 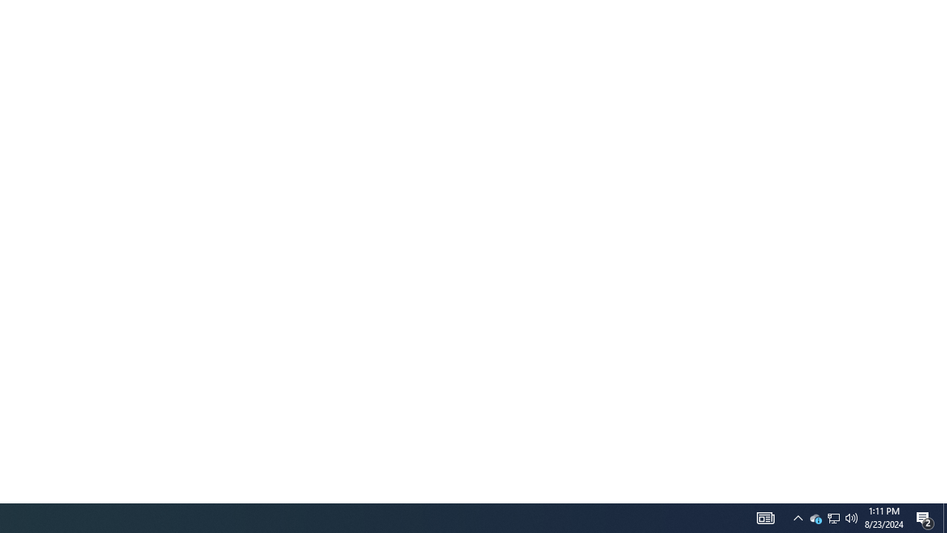 I want to click on 'User Promoted Notification Area', so click(x=852, y=517).